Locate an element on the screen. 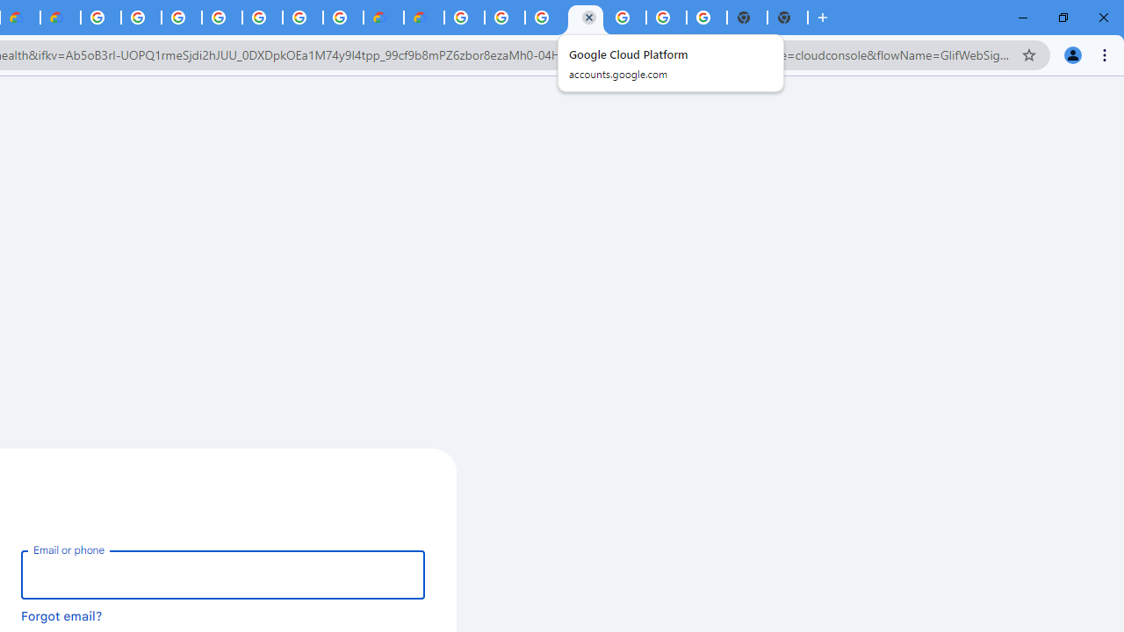  'Google Cloud Platform' is located at coordinates (625, 18).